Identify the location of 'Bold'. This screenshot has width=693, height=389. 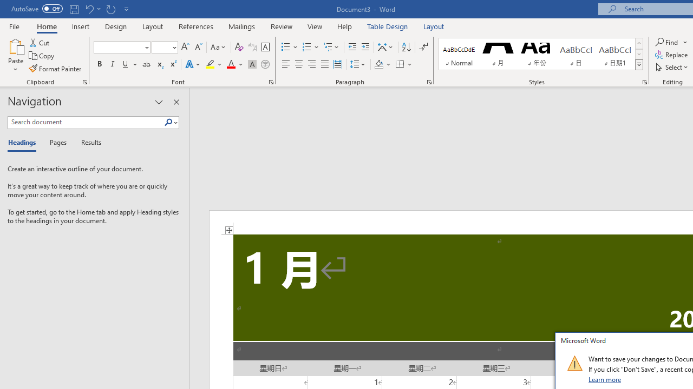
(99, 64).